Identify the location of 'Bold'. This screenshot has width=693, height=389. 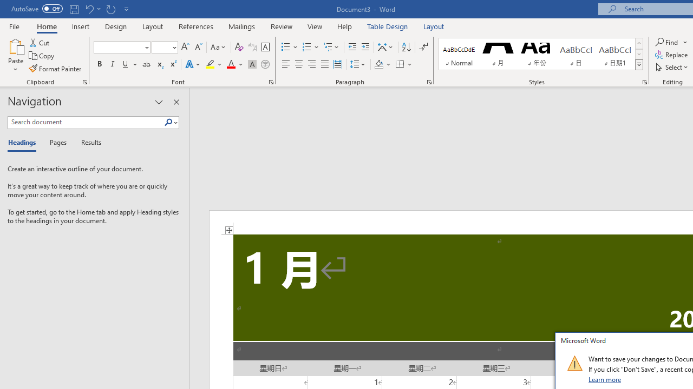
(99, 64).